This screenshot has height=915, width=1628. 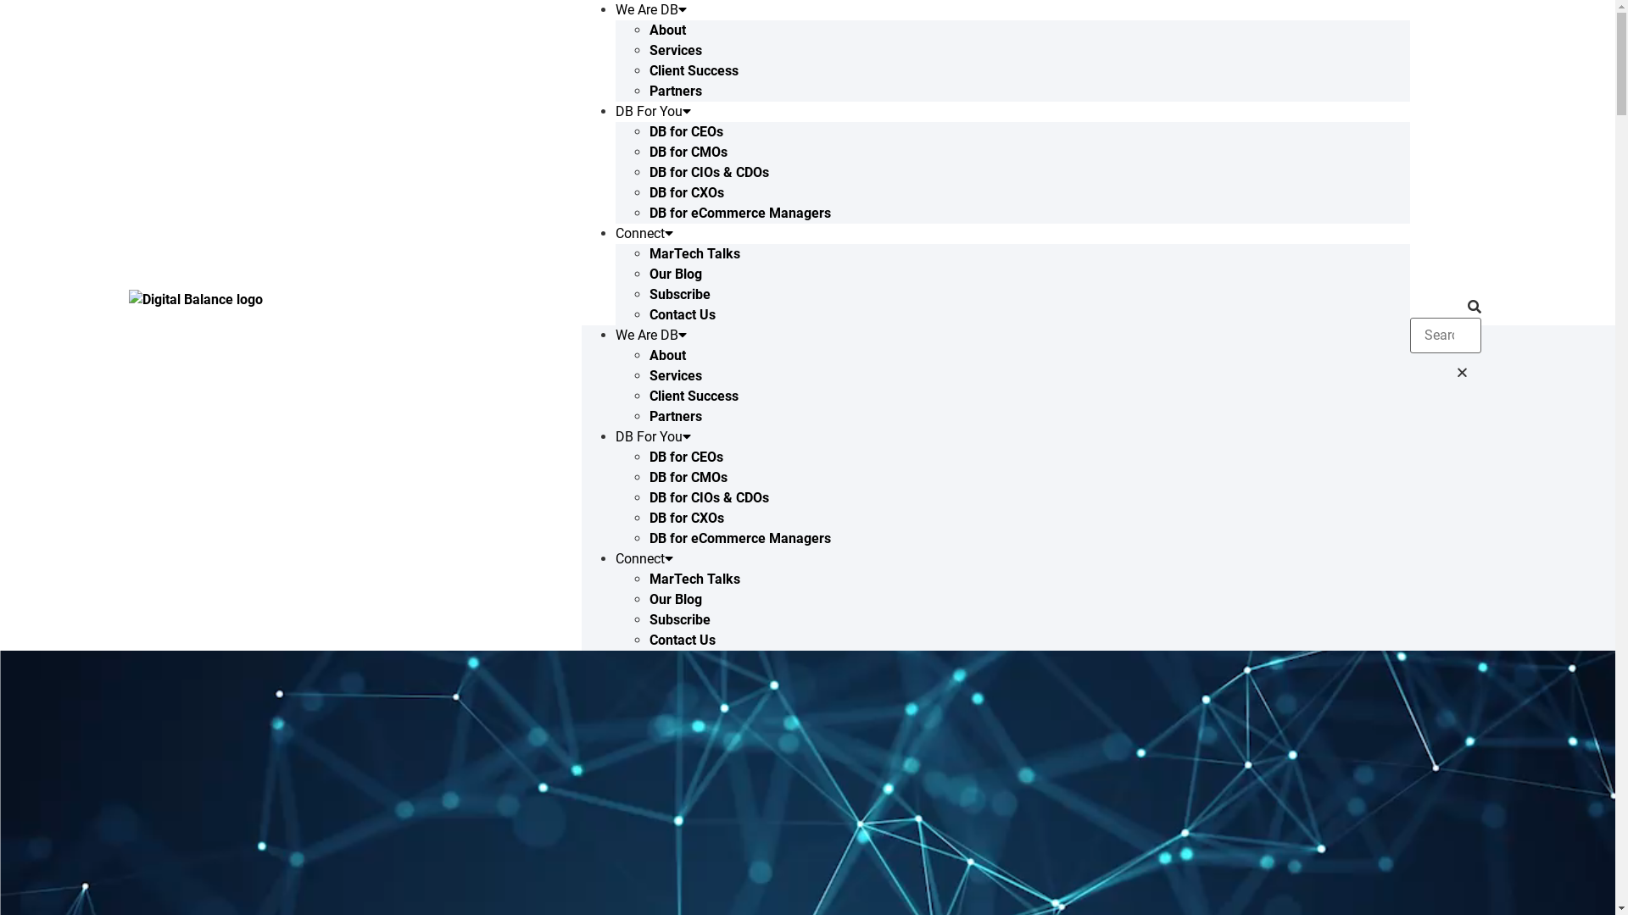 I want to click on 'DB for CIOs & CDOs', so click(x=709, y=172).